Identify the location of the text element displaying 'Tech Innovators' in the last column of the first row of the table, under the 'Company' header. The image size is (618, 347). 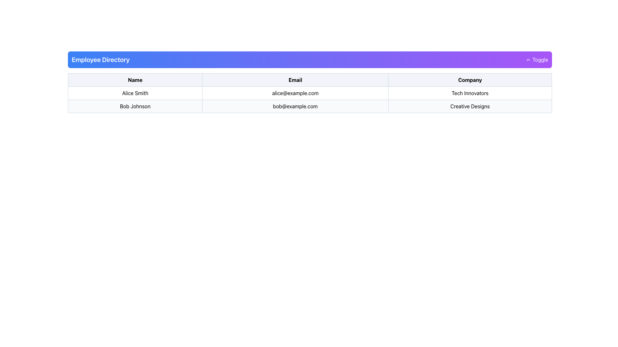
(470, 93).